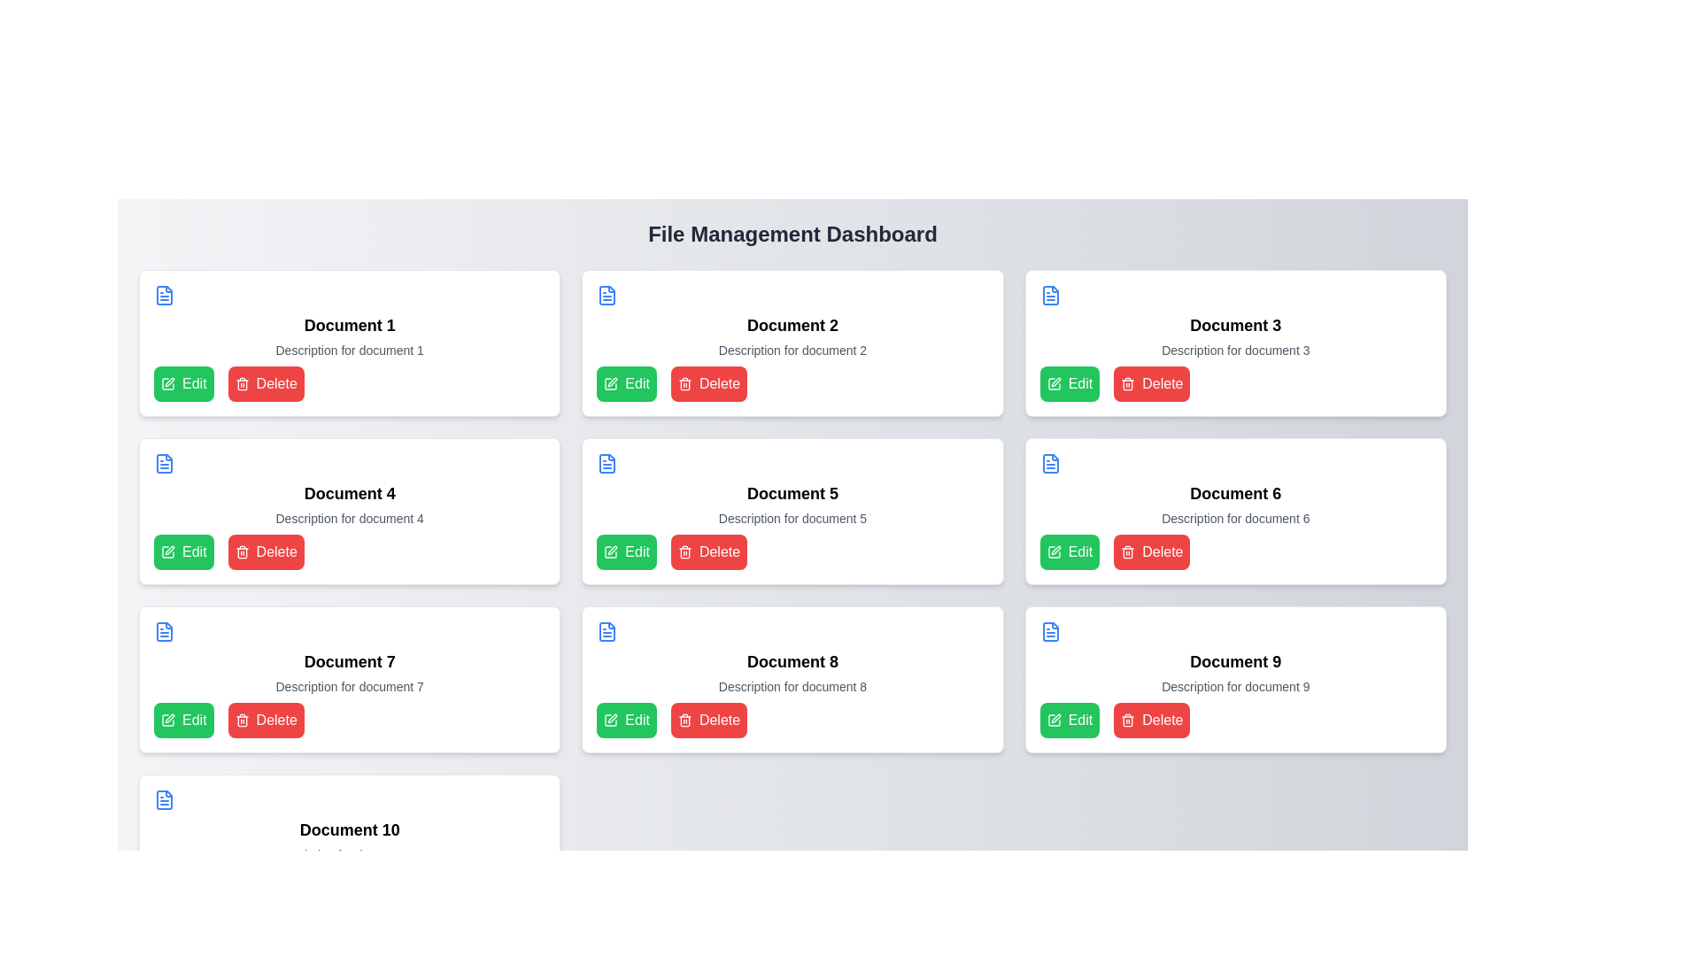  I want to click on the green 'Edit' button with a pen icon located in the top-left corner of the 'Document 1' card to initiate editing, so click(183, 383).